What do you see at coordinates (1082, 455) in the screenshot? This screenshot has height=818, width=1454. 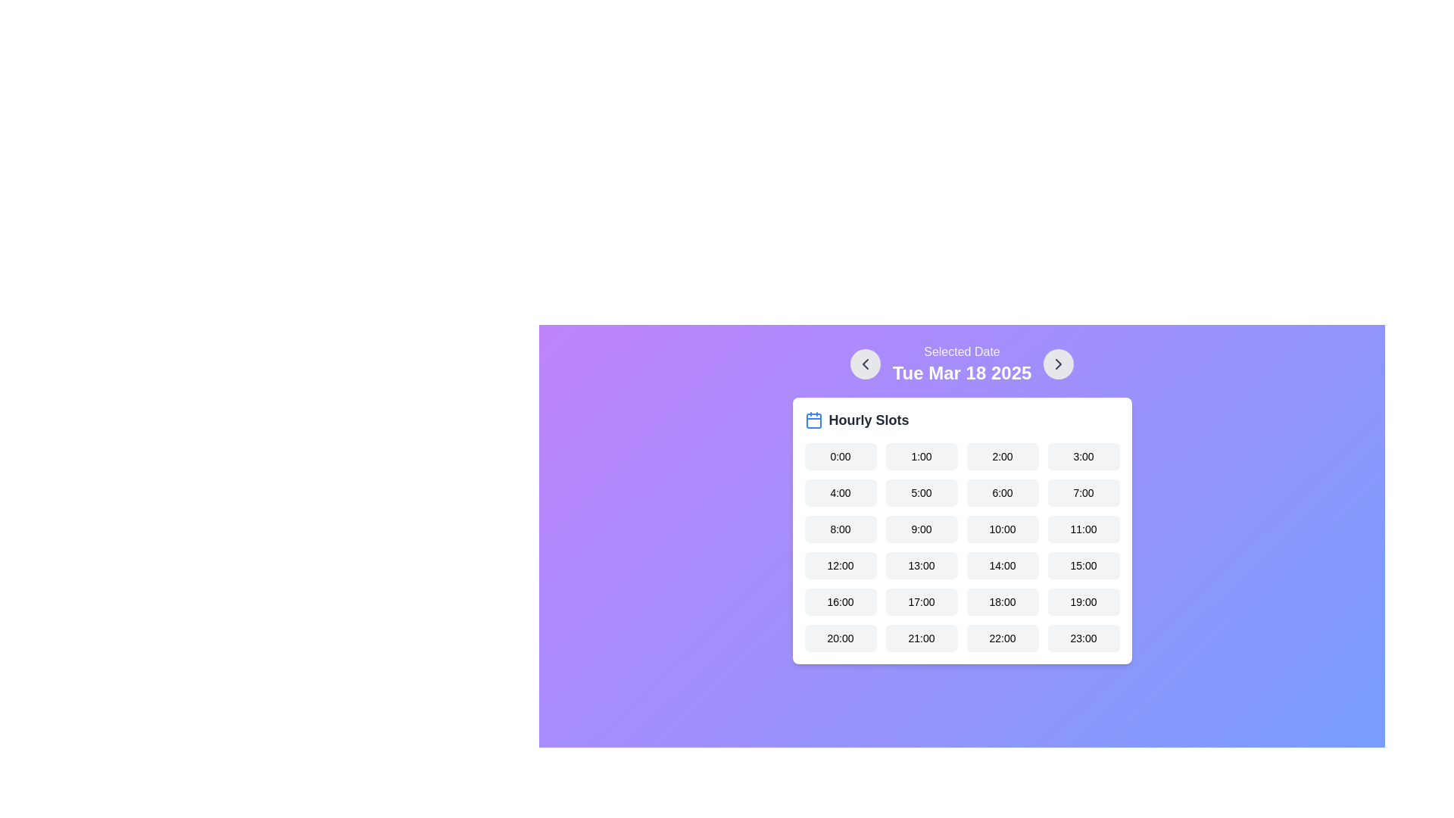 I see `the '3:00' time slot button located in the first row and fourth column of the 'Hourly Slots' section` at bounding box center [1082, 455].